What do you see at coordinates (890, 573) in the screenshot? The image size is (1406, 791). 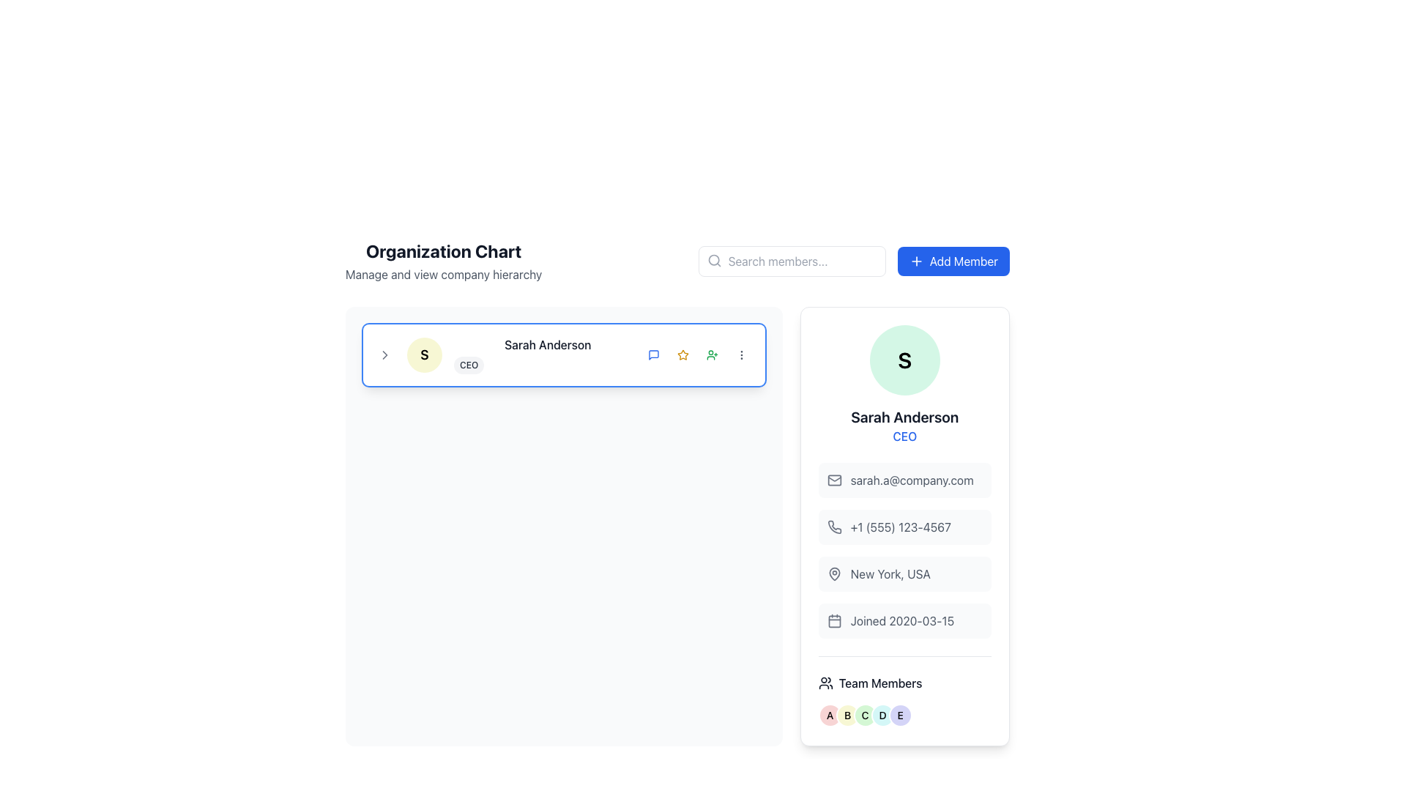 I see `the Text label indicating the user's location, which displays 'New York, USA', located within the personal details card on the right side of the layout, near the bottom section, below a pin icon and above the 'Joined 2020-03-15' date field` at bounding box center [890, 573].